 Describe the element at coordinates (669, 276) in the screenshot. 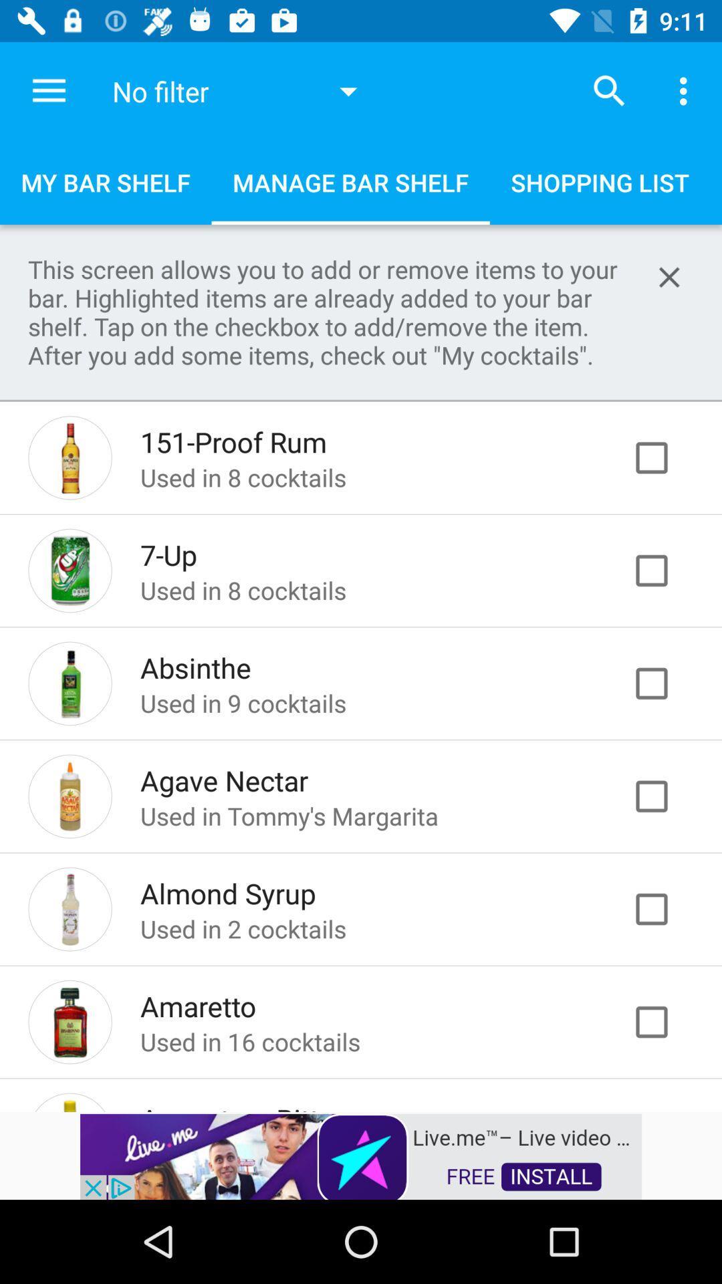

I see `the close icon` at that location.